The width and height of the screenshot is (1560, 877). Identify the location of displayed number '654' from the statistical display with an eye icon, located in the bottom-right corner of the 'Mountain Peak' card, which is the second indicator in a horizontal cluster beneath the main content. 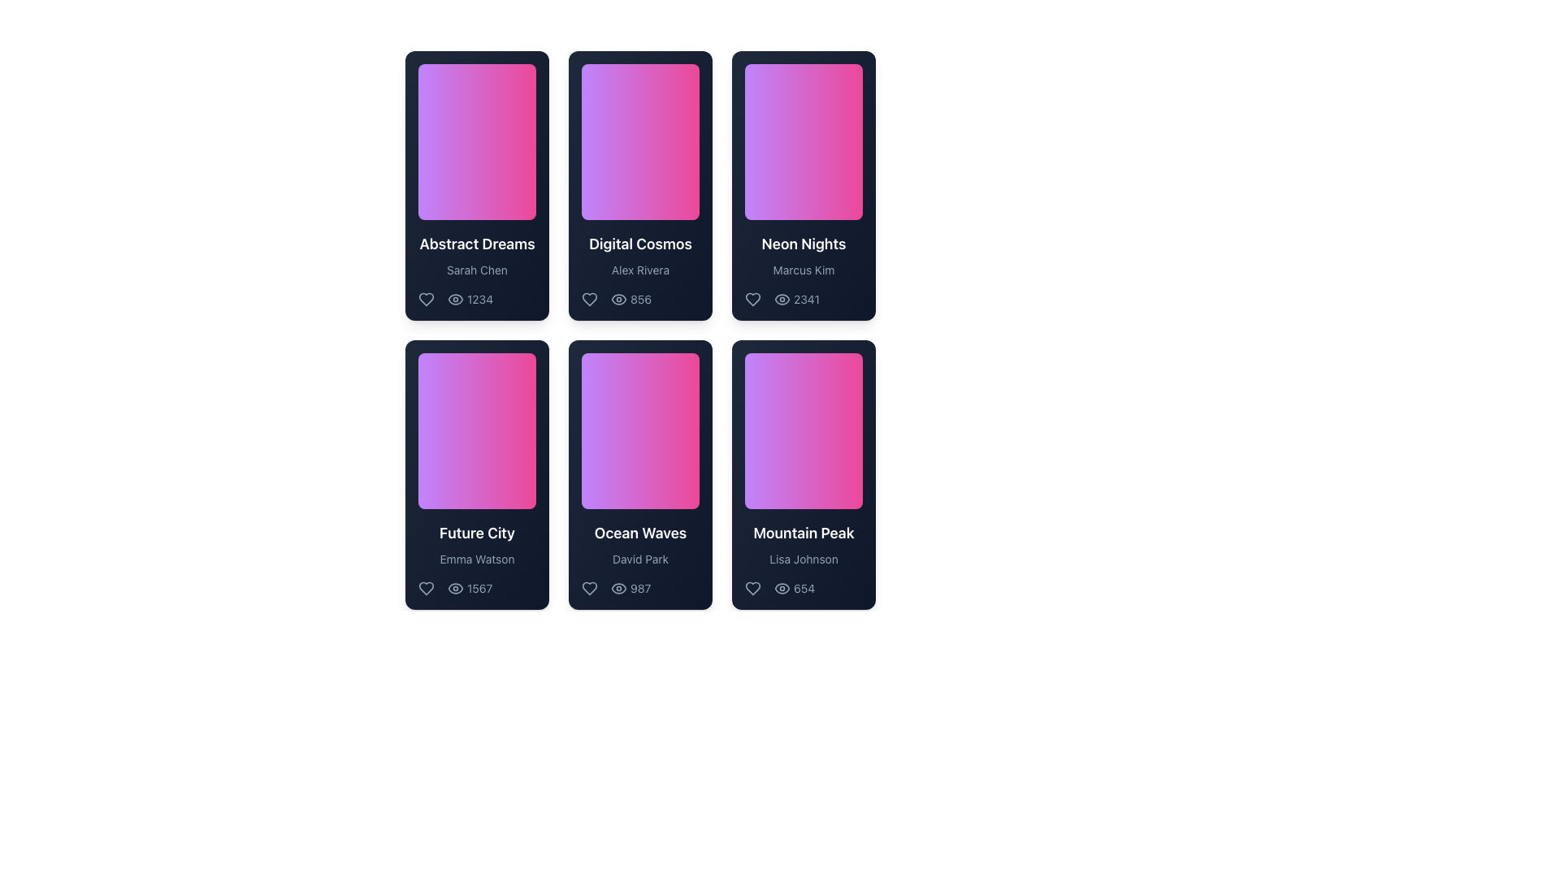
(780, 589).